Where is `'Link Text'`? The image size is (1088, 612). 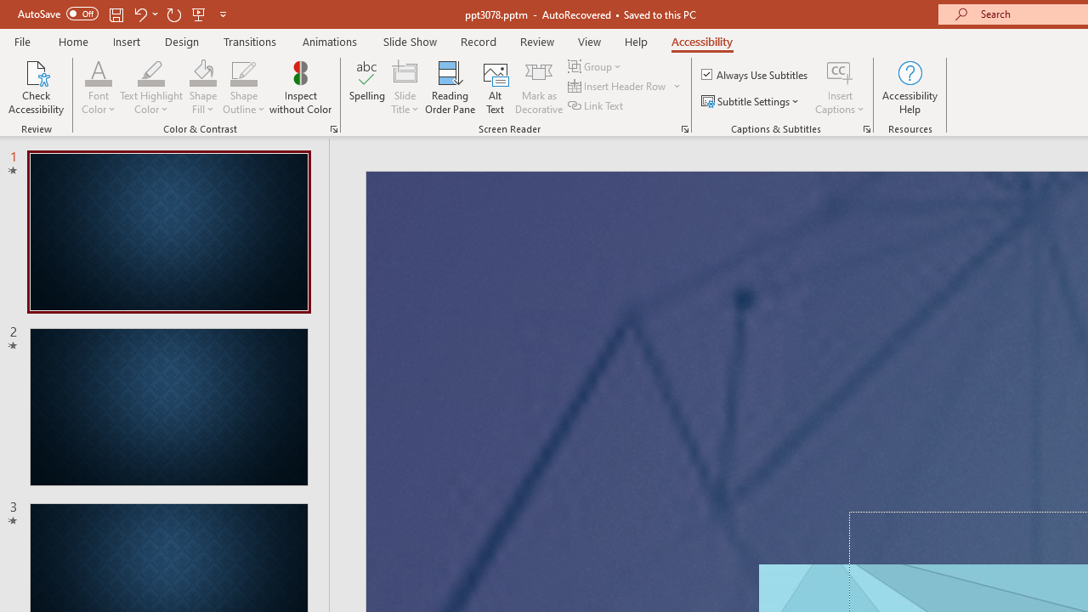
'Link Text' is located at coordinates (597, 105).